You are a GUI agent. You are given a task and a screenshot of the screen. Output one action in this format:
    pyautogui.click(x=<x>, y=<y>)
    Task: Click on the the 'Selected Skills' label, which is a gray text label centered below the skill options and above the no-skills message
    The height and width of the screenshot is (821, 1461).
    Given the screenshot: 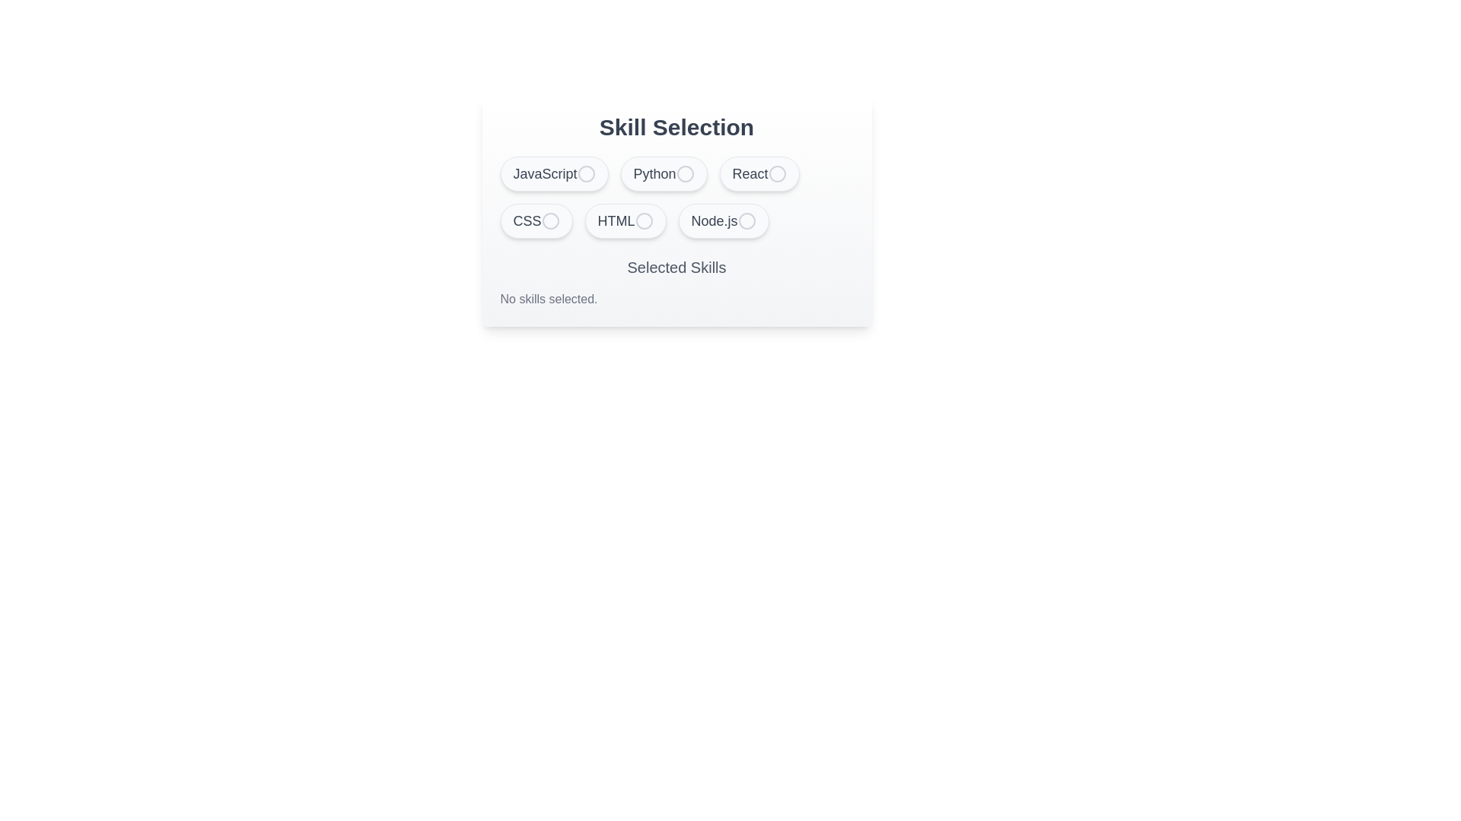 What is the action you would take?
    pyautogui.click(x=676, y=266)
    